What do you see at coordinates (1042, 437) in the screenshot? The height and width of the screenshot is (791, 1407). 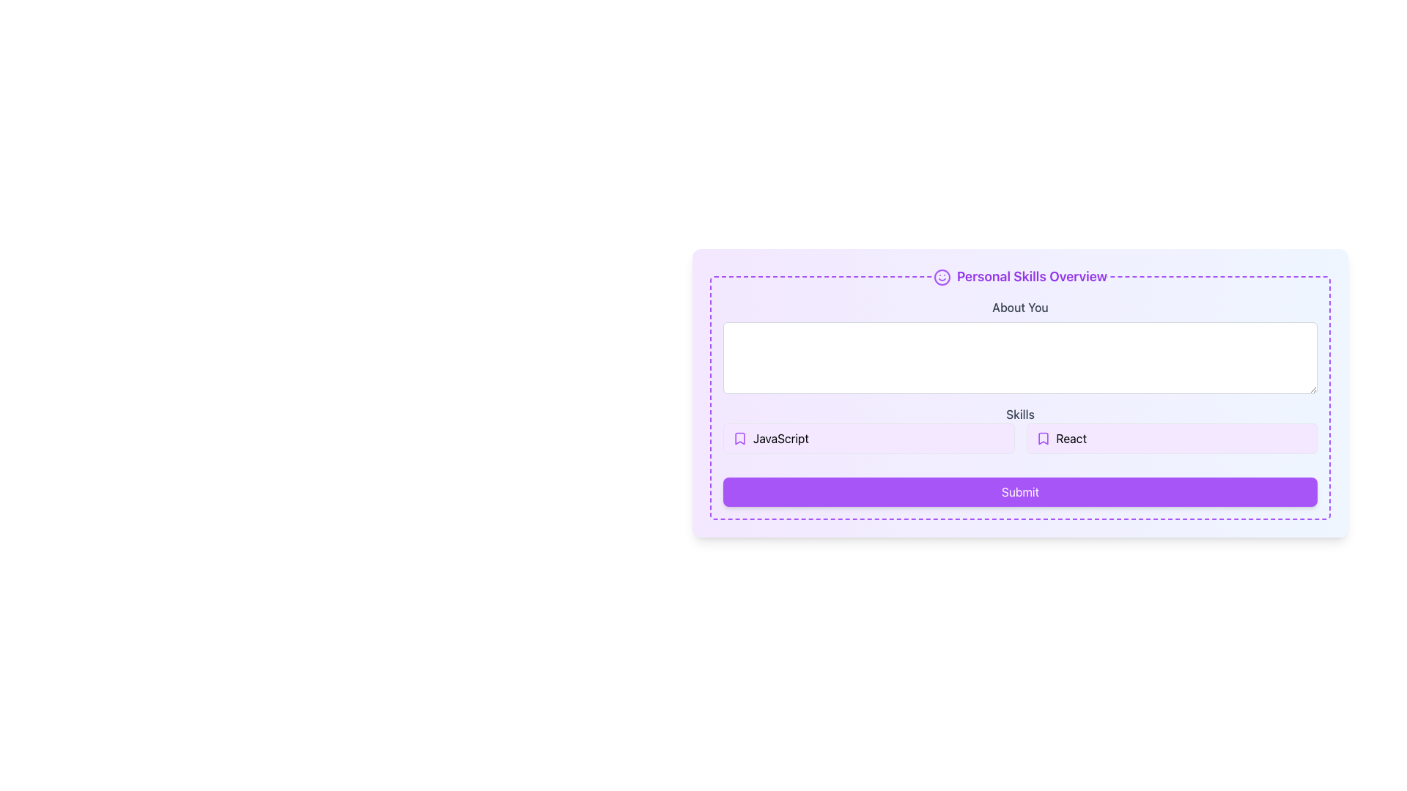 I see `the bookmark icon located to the left of the 'React' button in the Skills section of the form` at bounding box center [1042, 437].